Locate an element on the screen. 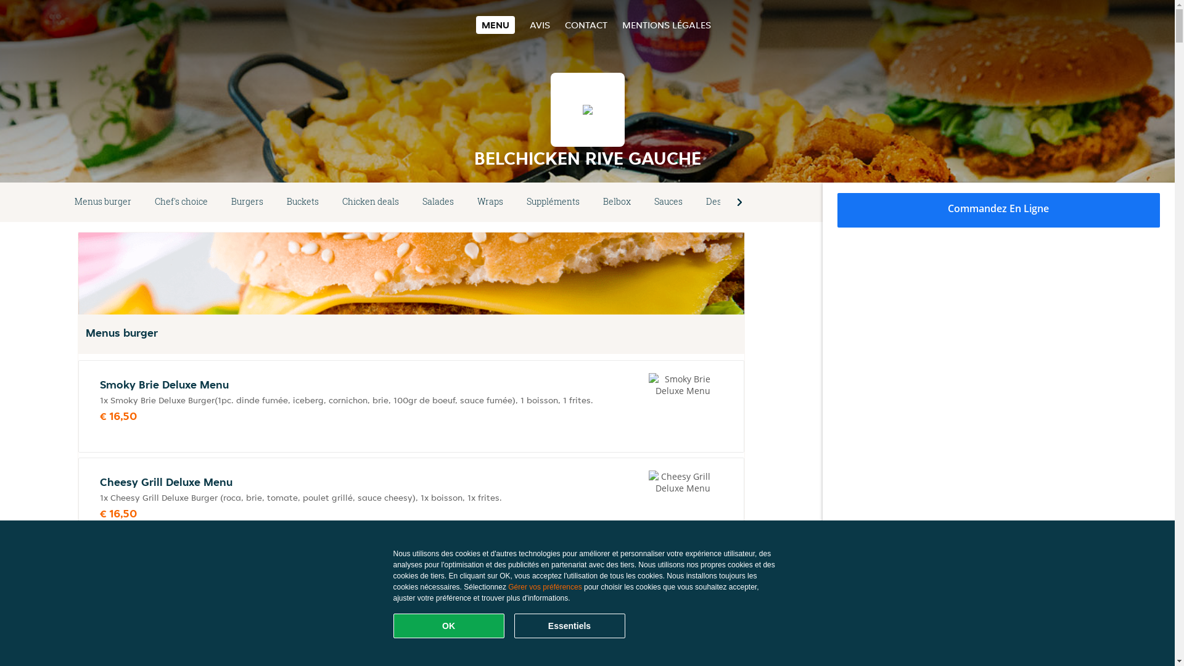 This screenshot has height=666, width=1184. 'Desserts' is located at coordinates (724, 201).